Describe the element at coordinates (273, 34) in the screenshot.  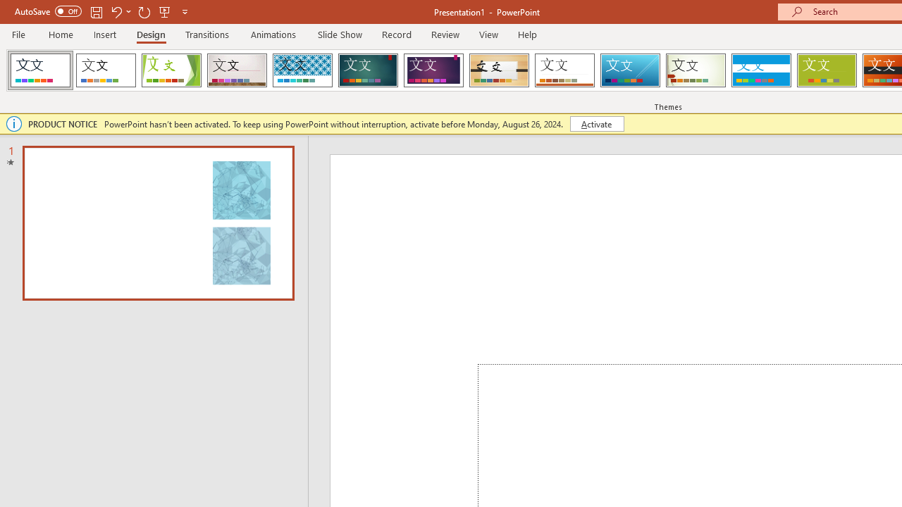
I see `'Animations'` at that location.